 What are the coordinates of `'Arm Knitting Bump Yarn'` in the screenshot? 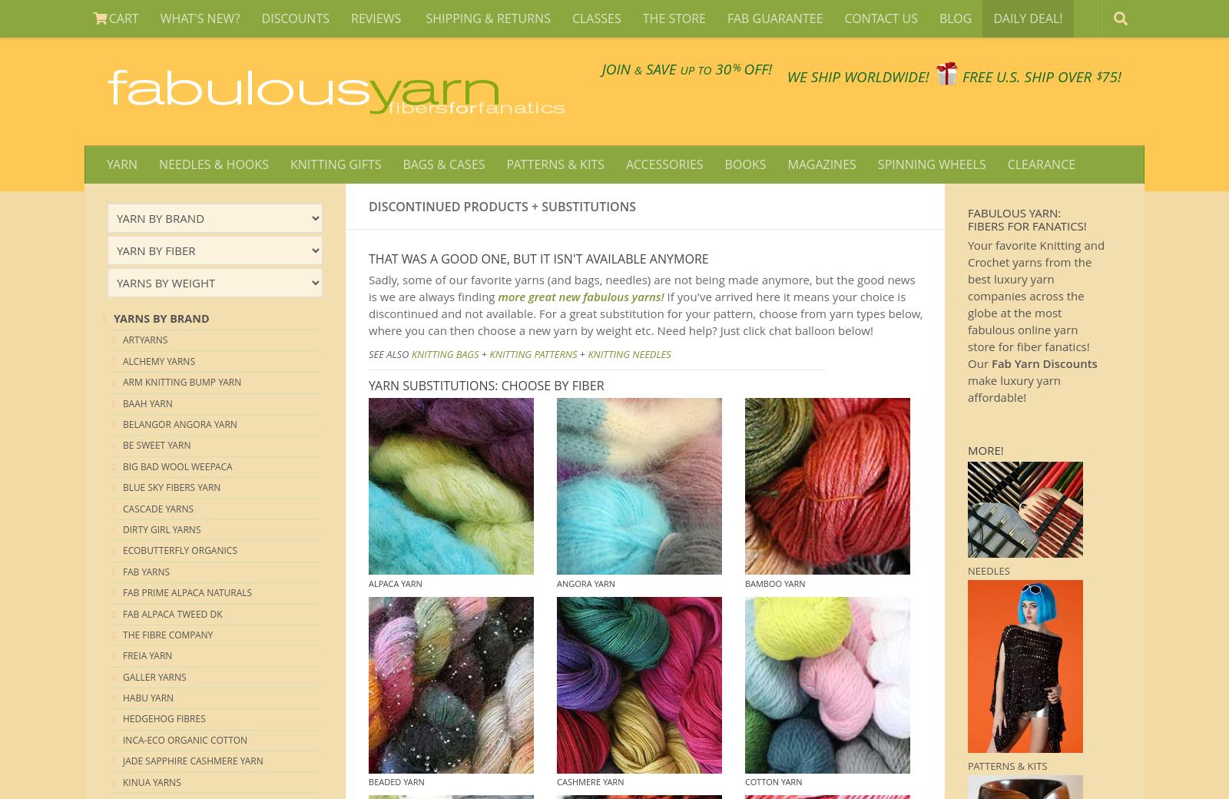 It's located at (181, 382).